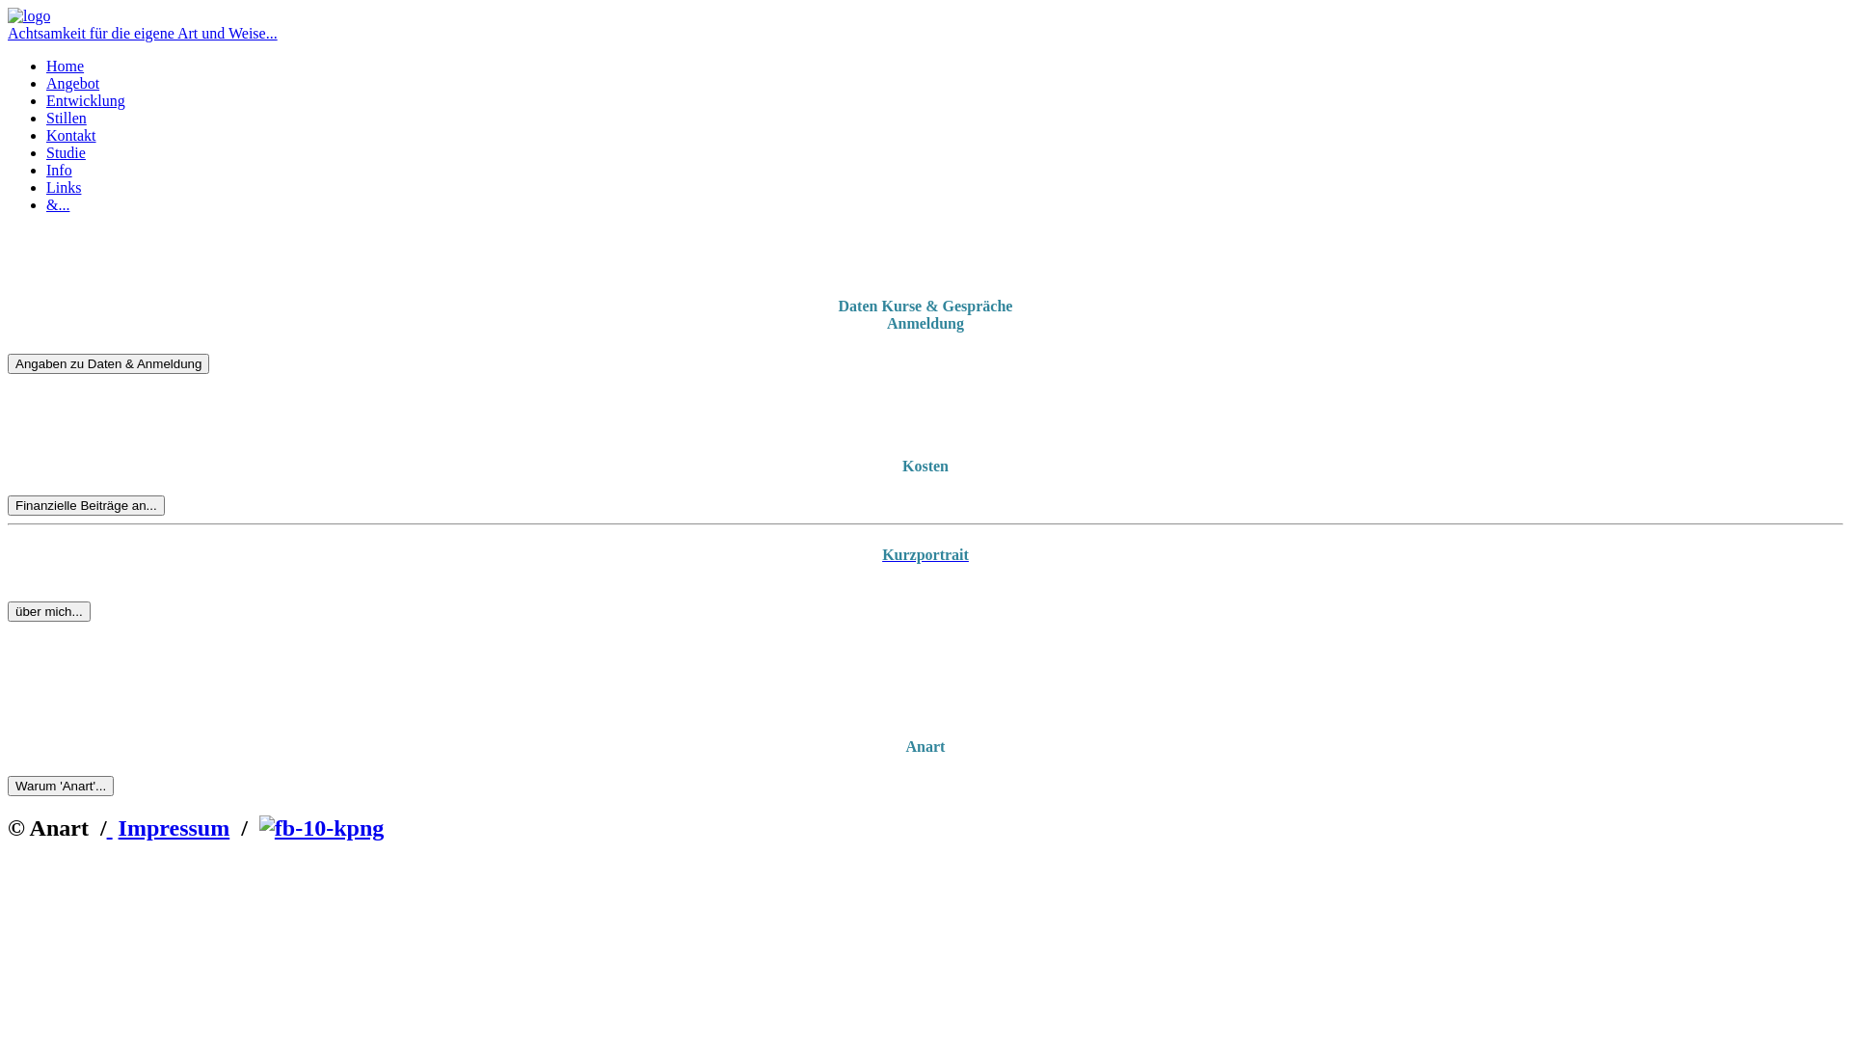  What do you see at coordinates (46, 100) in the screenshot?
I see `'Entwicklung'` at bounding box center [46, 100].